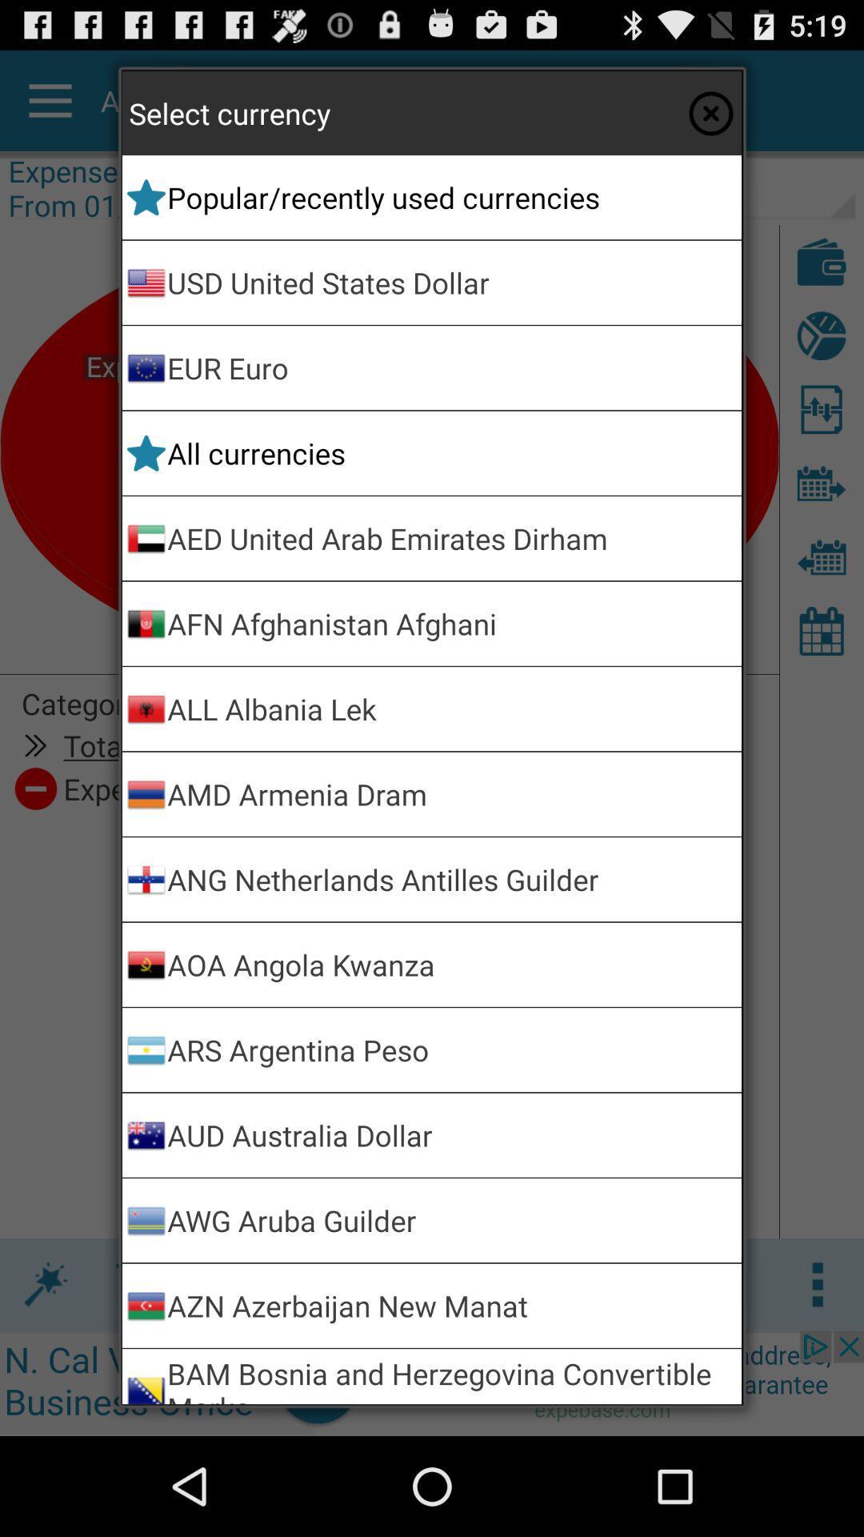 The width and height of the screenshot is (864, 1537). Describe the element at coordinates (451, 1219) in the screenshot. I see `the awg aruba guilder item` at that location.